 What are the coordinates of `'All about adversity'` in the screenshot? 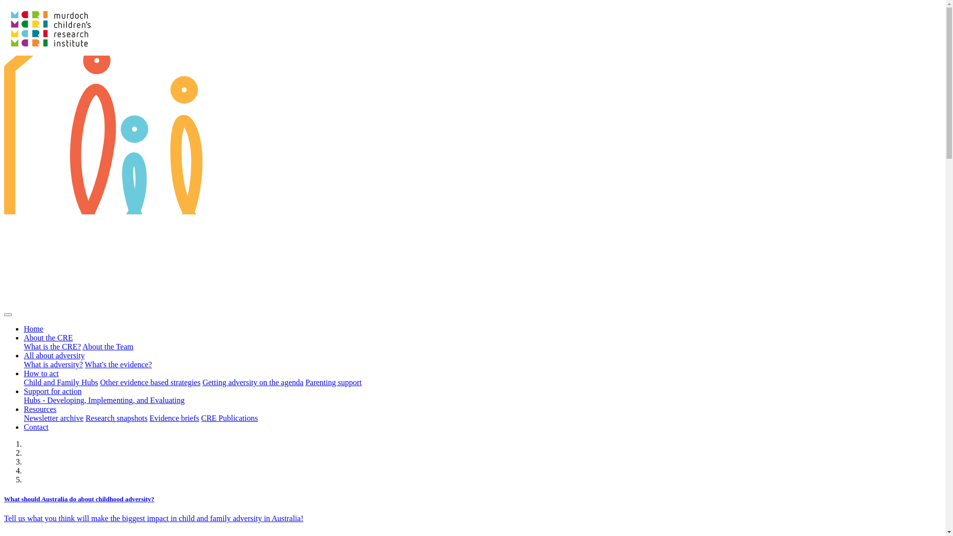 It's located at (54, 355).